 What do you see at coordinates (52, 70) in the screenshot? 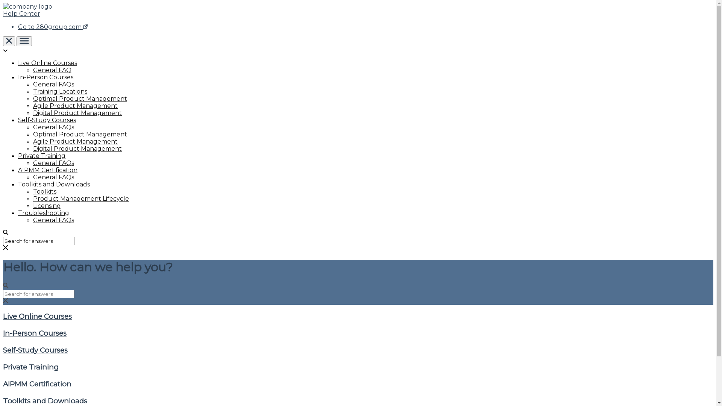
I see `'General FAQ'` at bounding box center [52, 70].